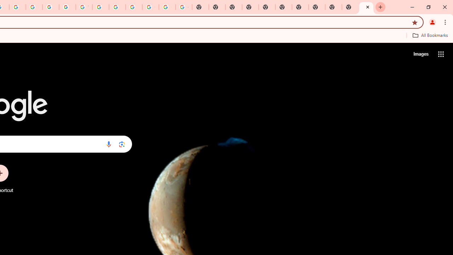 The image size is (453, 255). Describe the element at coordinates (366, 7) in the screenshot. I see `'New Tab'` at that location.